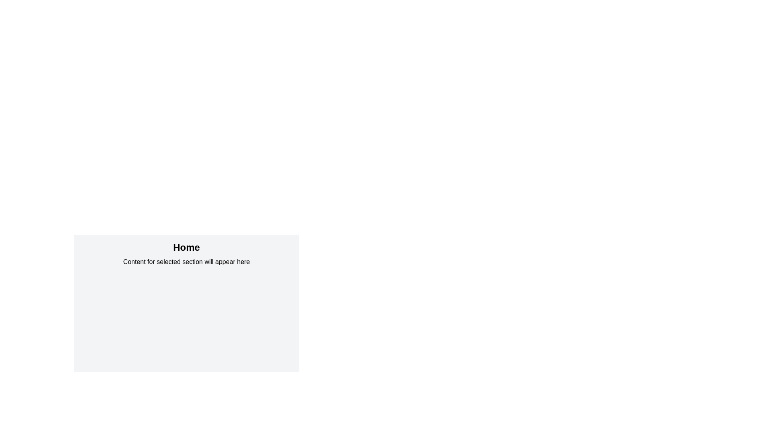 The width and height of the screenshot is (771, 434). Describe the element at coordinates (186, 262) in the screenshot. I see `the Text Label that serves as a placeholder for content related to the selected section, located directly below the 'Home' title within a light-colored rectangular panel` at that location.